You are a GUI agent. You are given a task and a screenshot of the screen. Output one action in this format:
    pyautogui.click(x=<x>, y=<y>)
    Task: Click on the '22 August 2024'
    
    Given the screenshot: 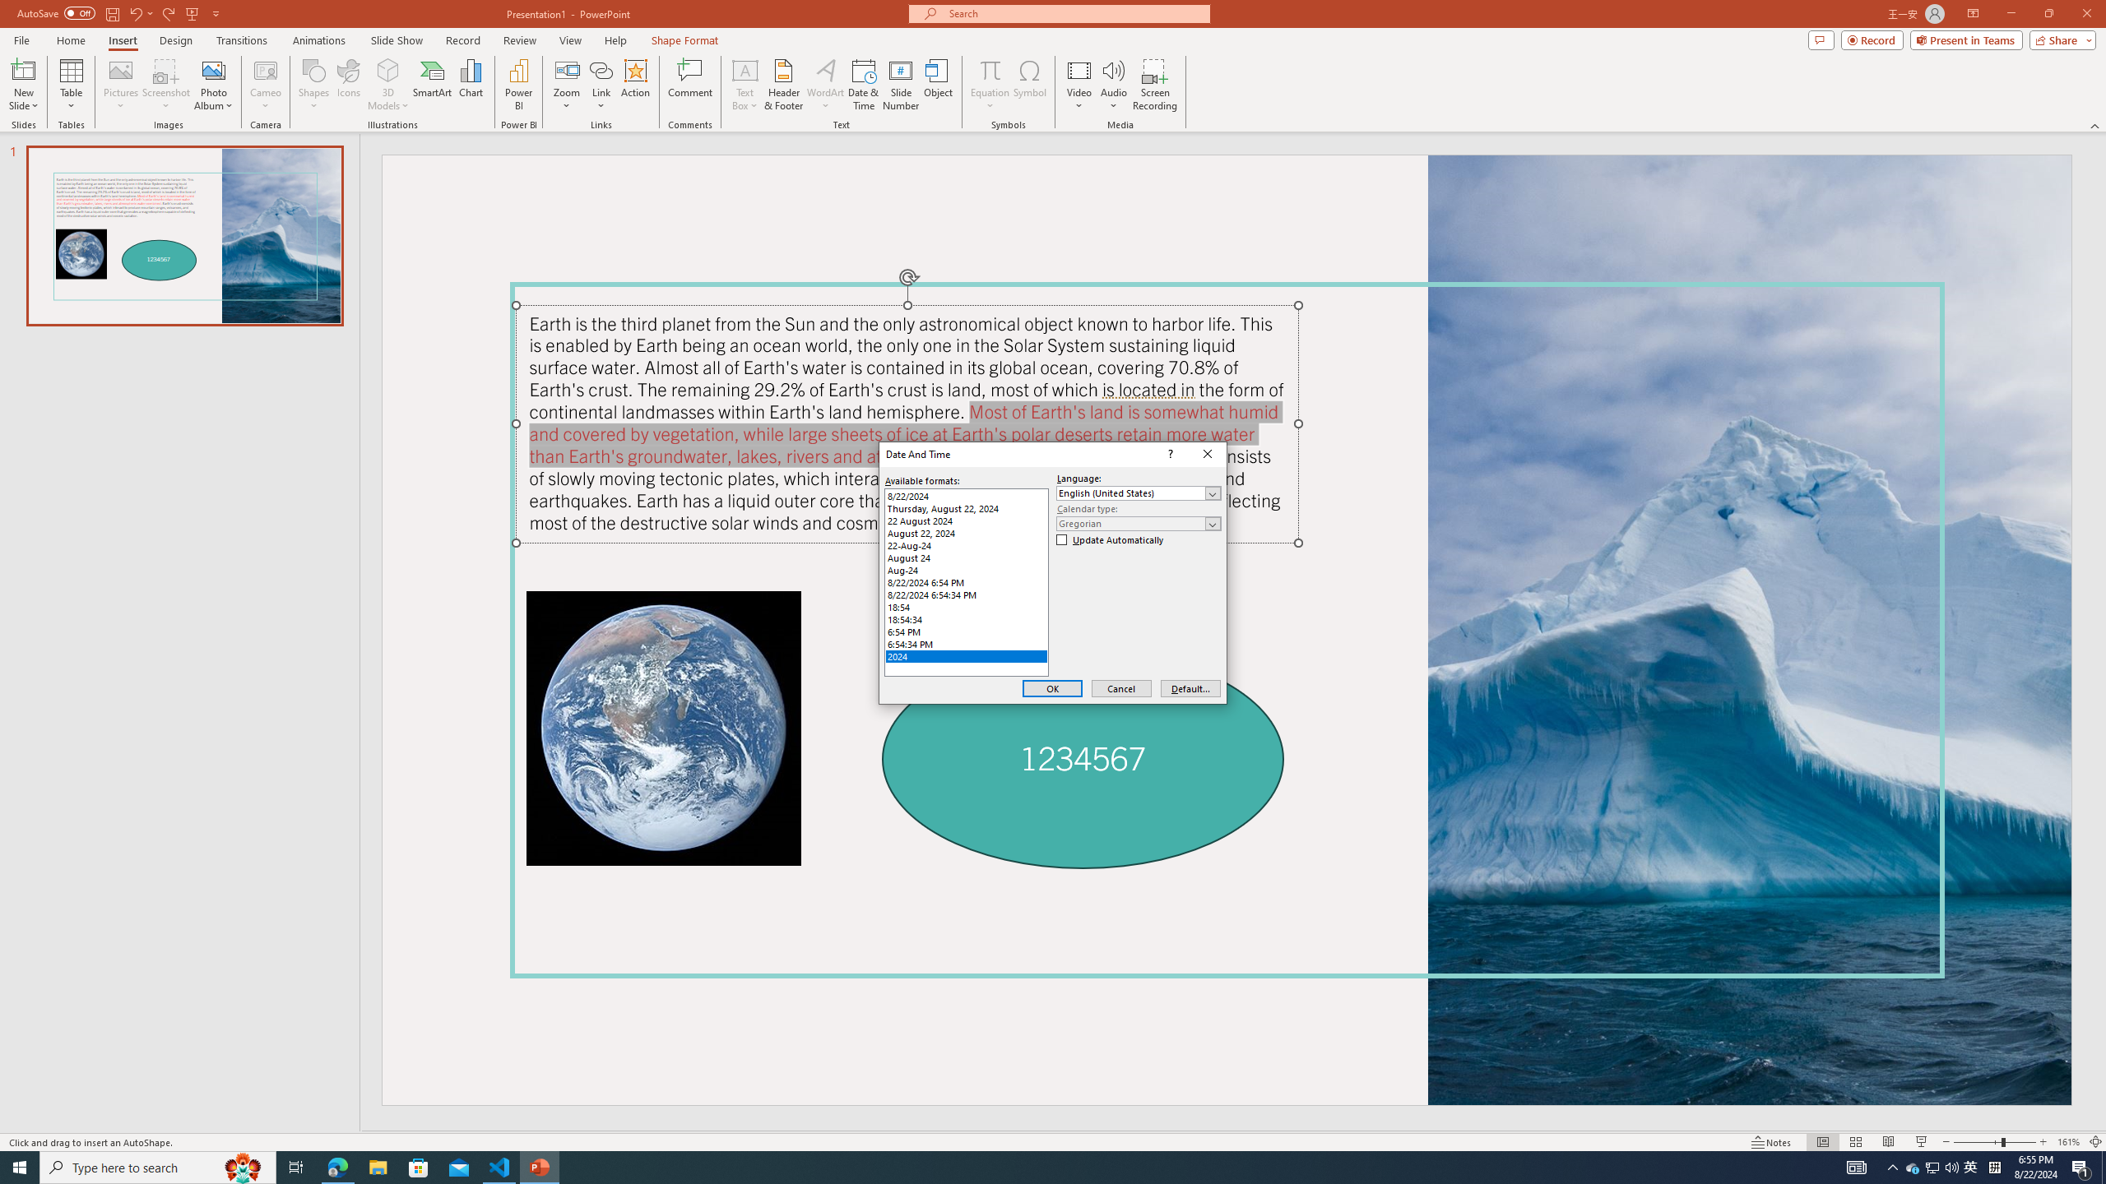 What is the action you would take?
    pyautogui.click(x=966, y=520)
    